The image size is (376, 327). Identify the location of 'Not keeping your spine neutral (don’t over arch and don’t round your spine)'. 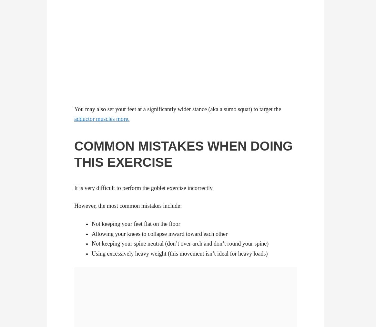
(180, 244).